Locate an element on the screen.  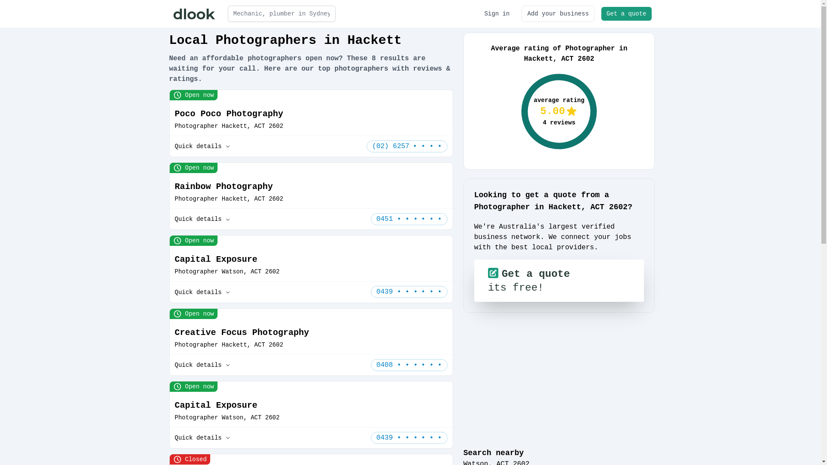
'Sign in' is located at coordinates (497, 13).